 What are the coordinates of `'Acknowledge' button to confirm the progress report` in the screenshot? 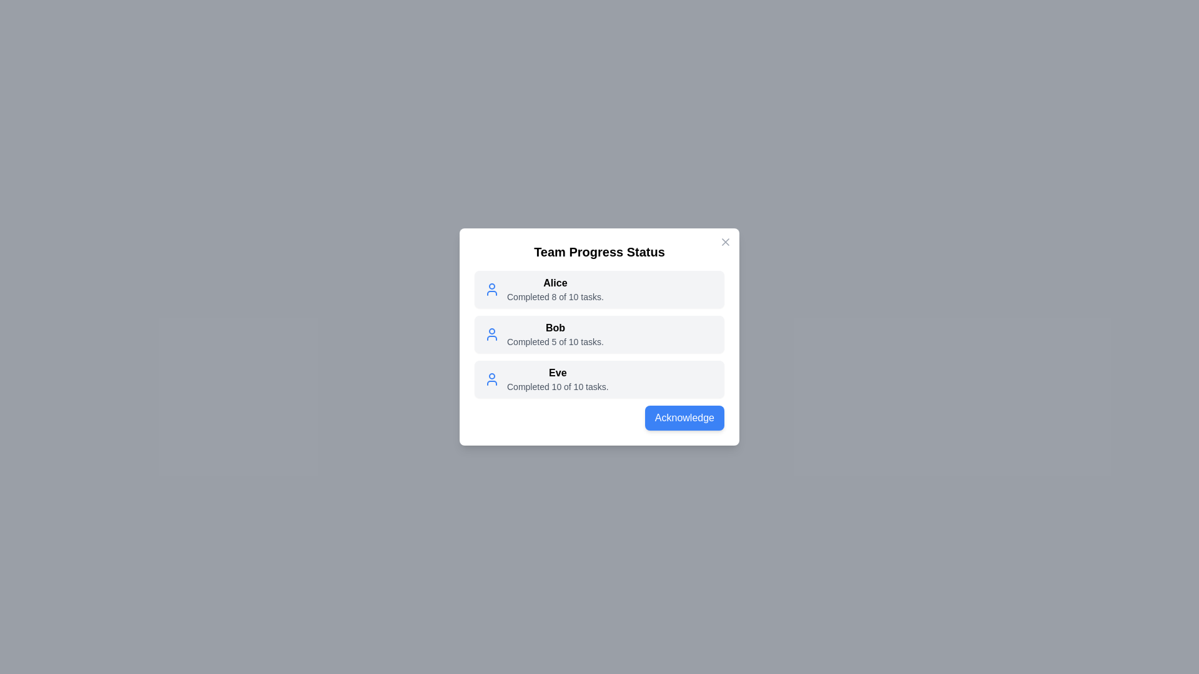 It's located at (683, 418).